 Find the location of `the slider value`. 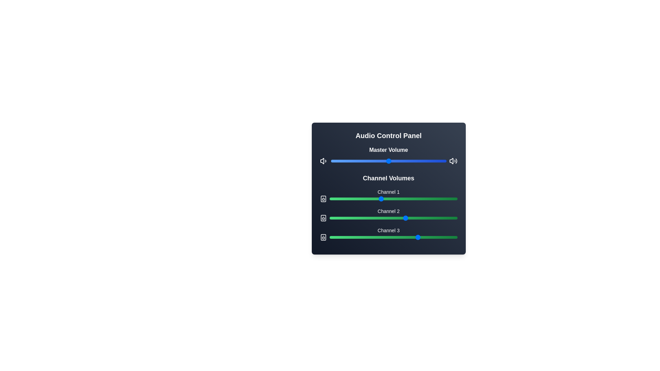

the slider value is located at coordinates (350, 237).